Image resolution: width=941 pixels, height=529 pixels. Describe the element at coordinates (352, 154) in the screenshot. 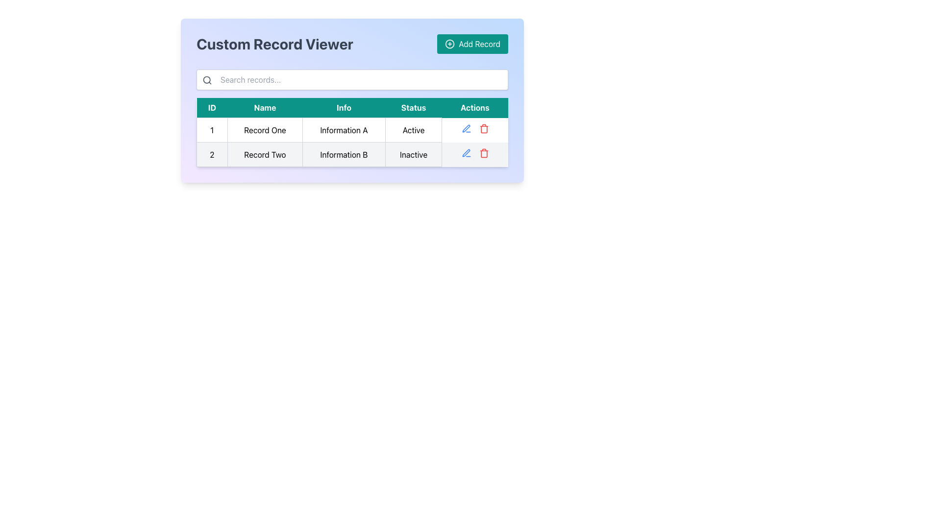

I see `the second row of the table containing ID '2', Name 'Record Two', Info 'Information B', and Status 'Inactive'` at that location.